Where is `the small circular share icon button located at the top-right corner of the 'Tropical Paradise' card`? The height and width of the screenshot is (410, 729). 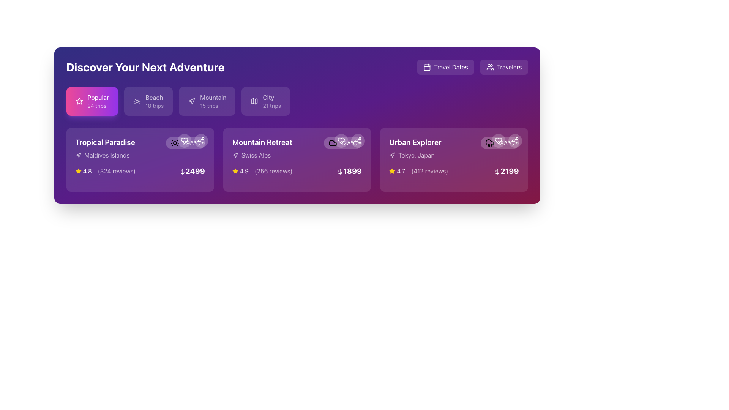 the small circular share icon button located at the top-right corner of the 'Tropical Paradise' card is located at coordinates (193, 140).